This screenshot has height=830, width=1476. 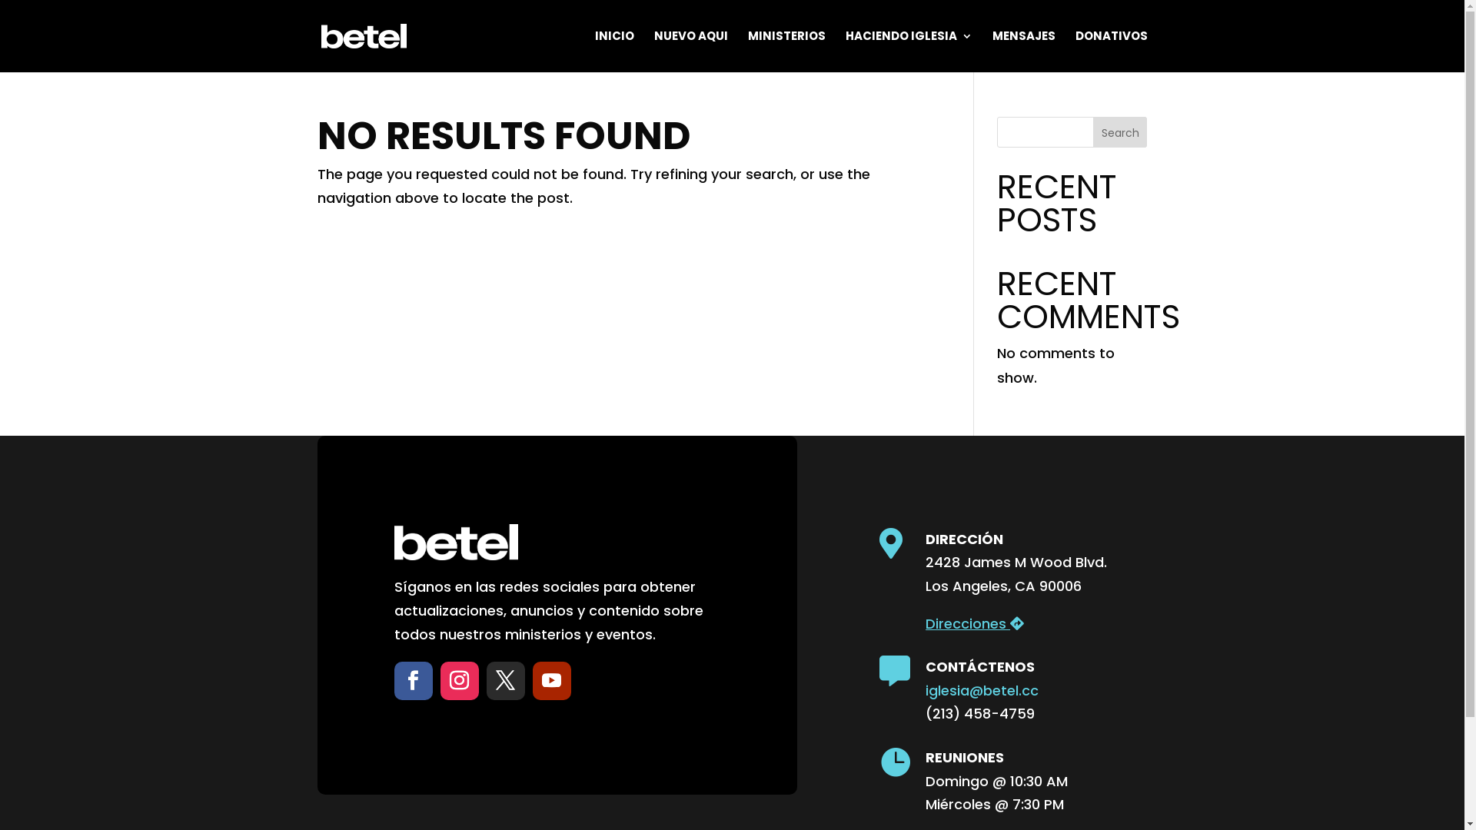 What do you see at coordinates (786, 50) in the screenshot?
I see `'MINISTERIOS'` at bounding box center [786, 50].